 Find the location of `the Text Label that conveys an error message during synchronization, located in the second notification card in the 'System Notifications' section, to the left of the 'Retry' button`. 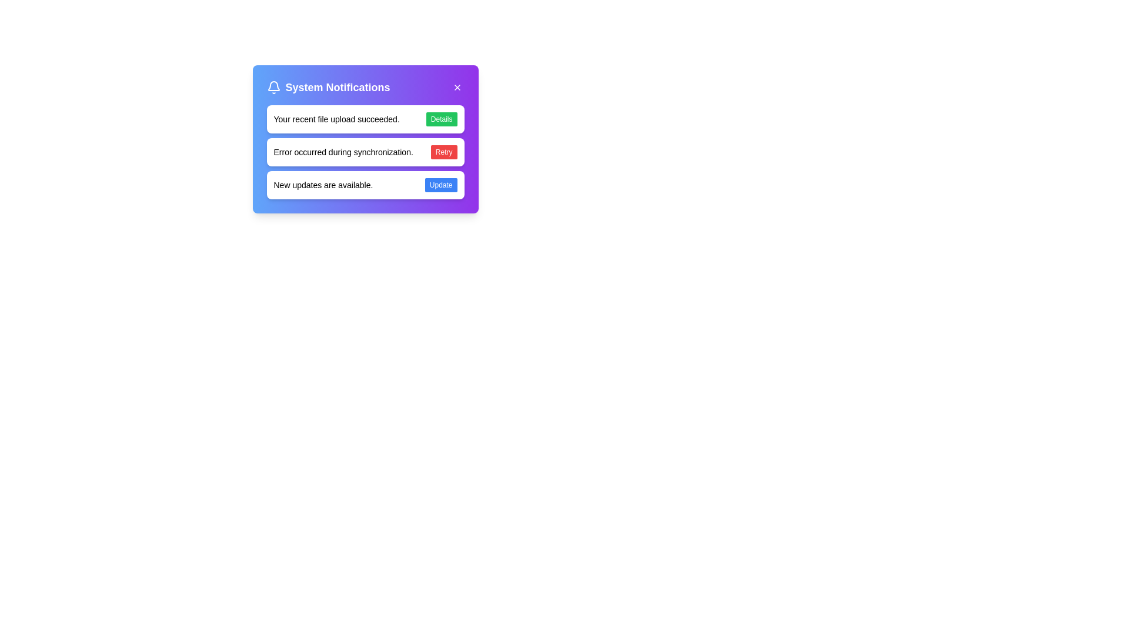

the Text Label that conveys an error message during synchronization, located in the second notification card in the 'System Notifications' section, to the left of the 'Retry' button is located at coordinates (343, 151).